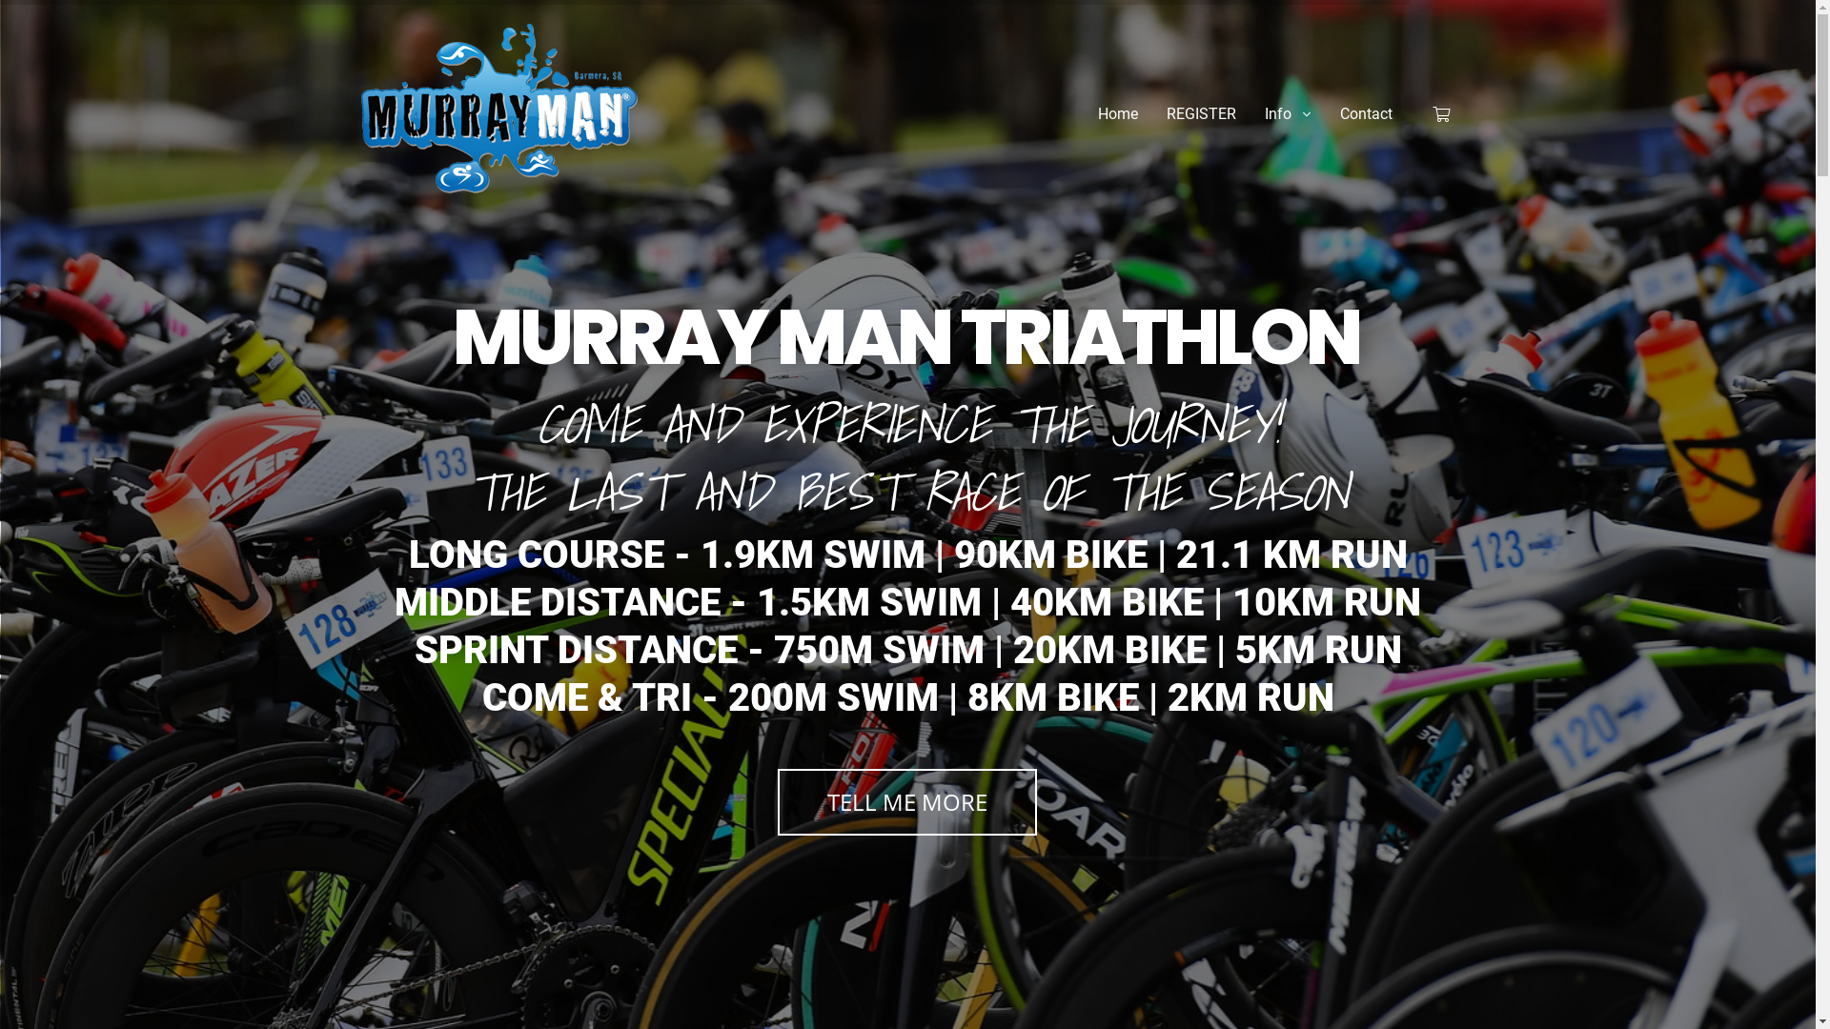 The height and width of the screenshot is (1029, 1830). I want to click on 'TELL ME MORE', so click(778, 801).